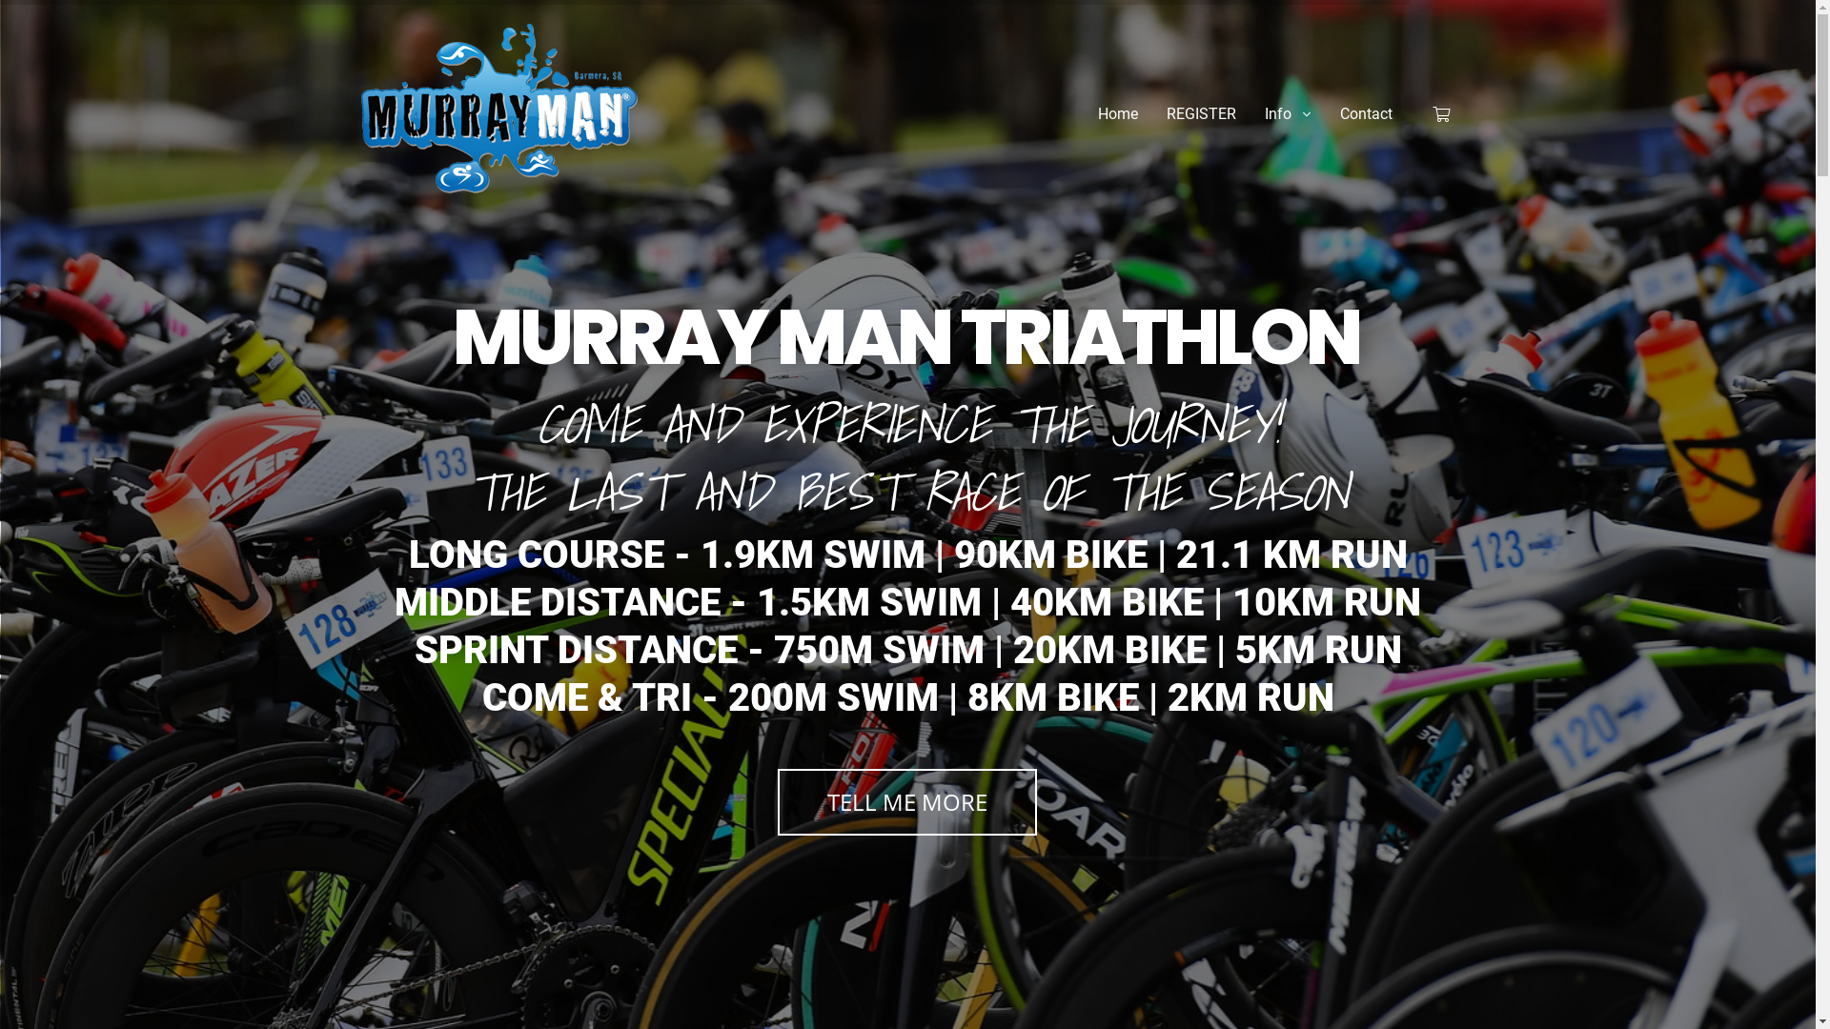 The height and width of the screenshot is (1029, 1830). I want to click on 'TELL ME MORE', so click(778, 801).